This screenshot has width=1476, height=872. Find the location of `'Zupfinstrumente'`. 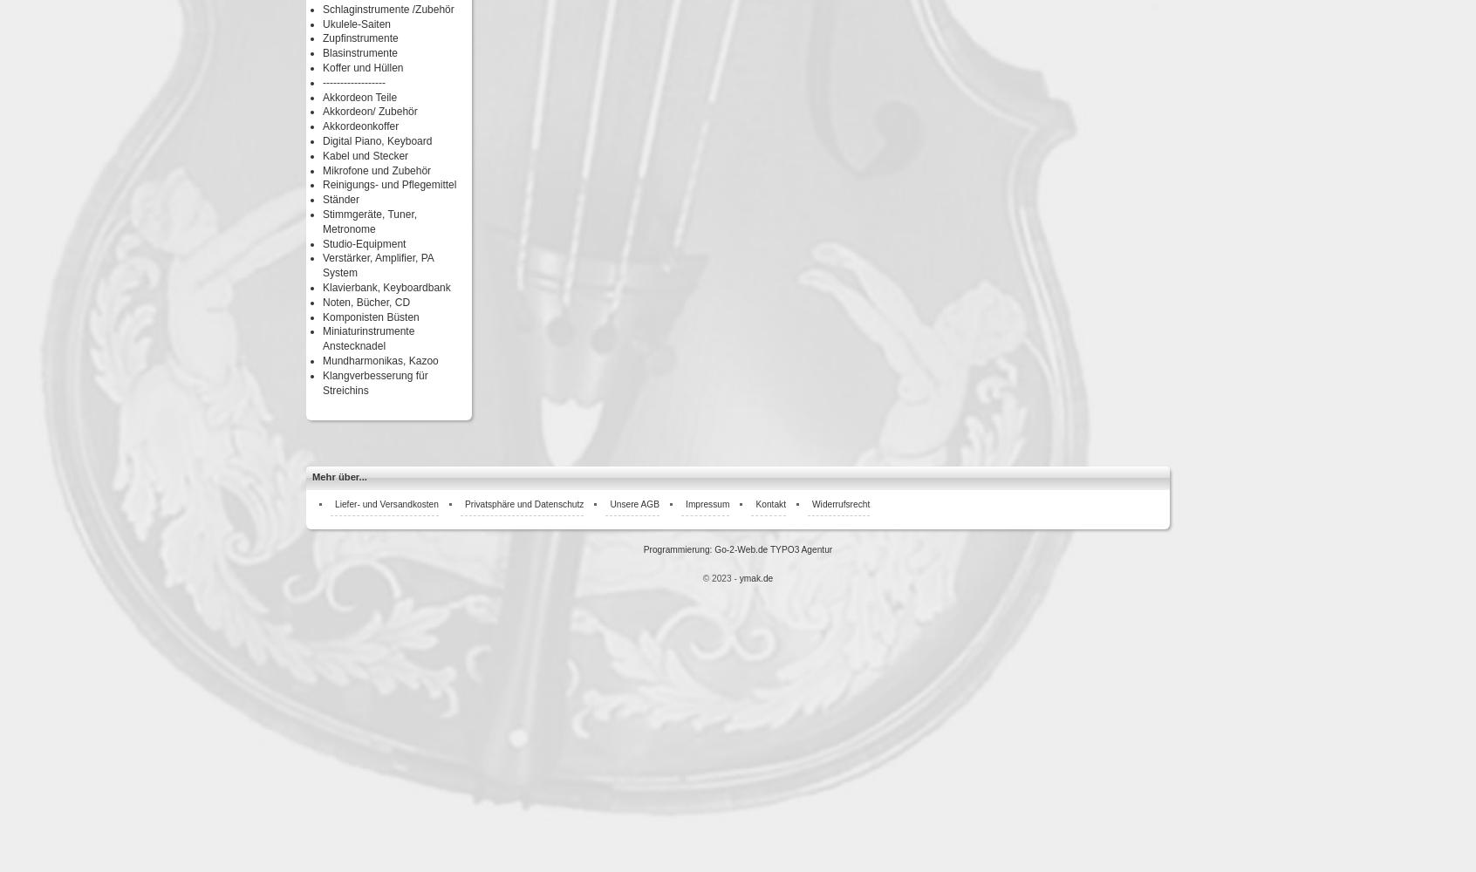

'Zupfinstrumente' is located at coordinates (360, 38).